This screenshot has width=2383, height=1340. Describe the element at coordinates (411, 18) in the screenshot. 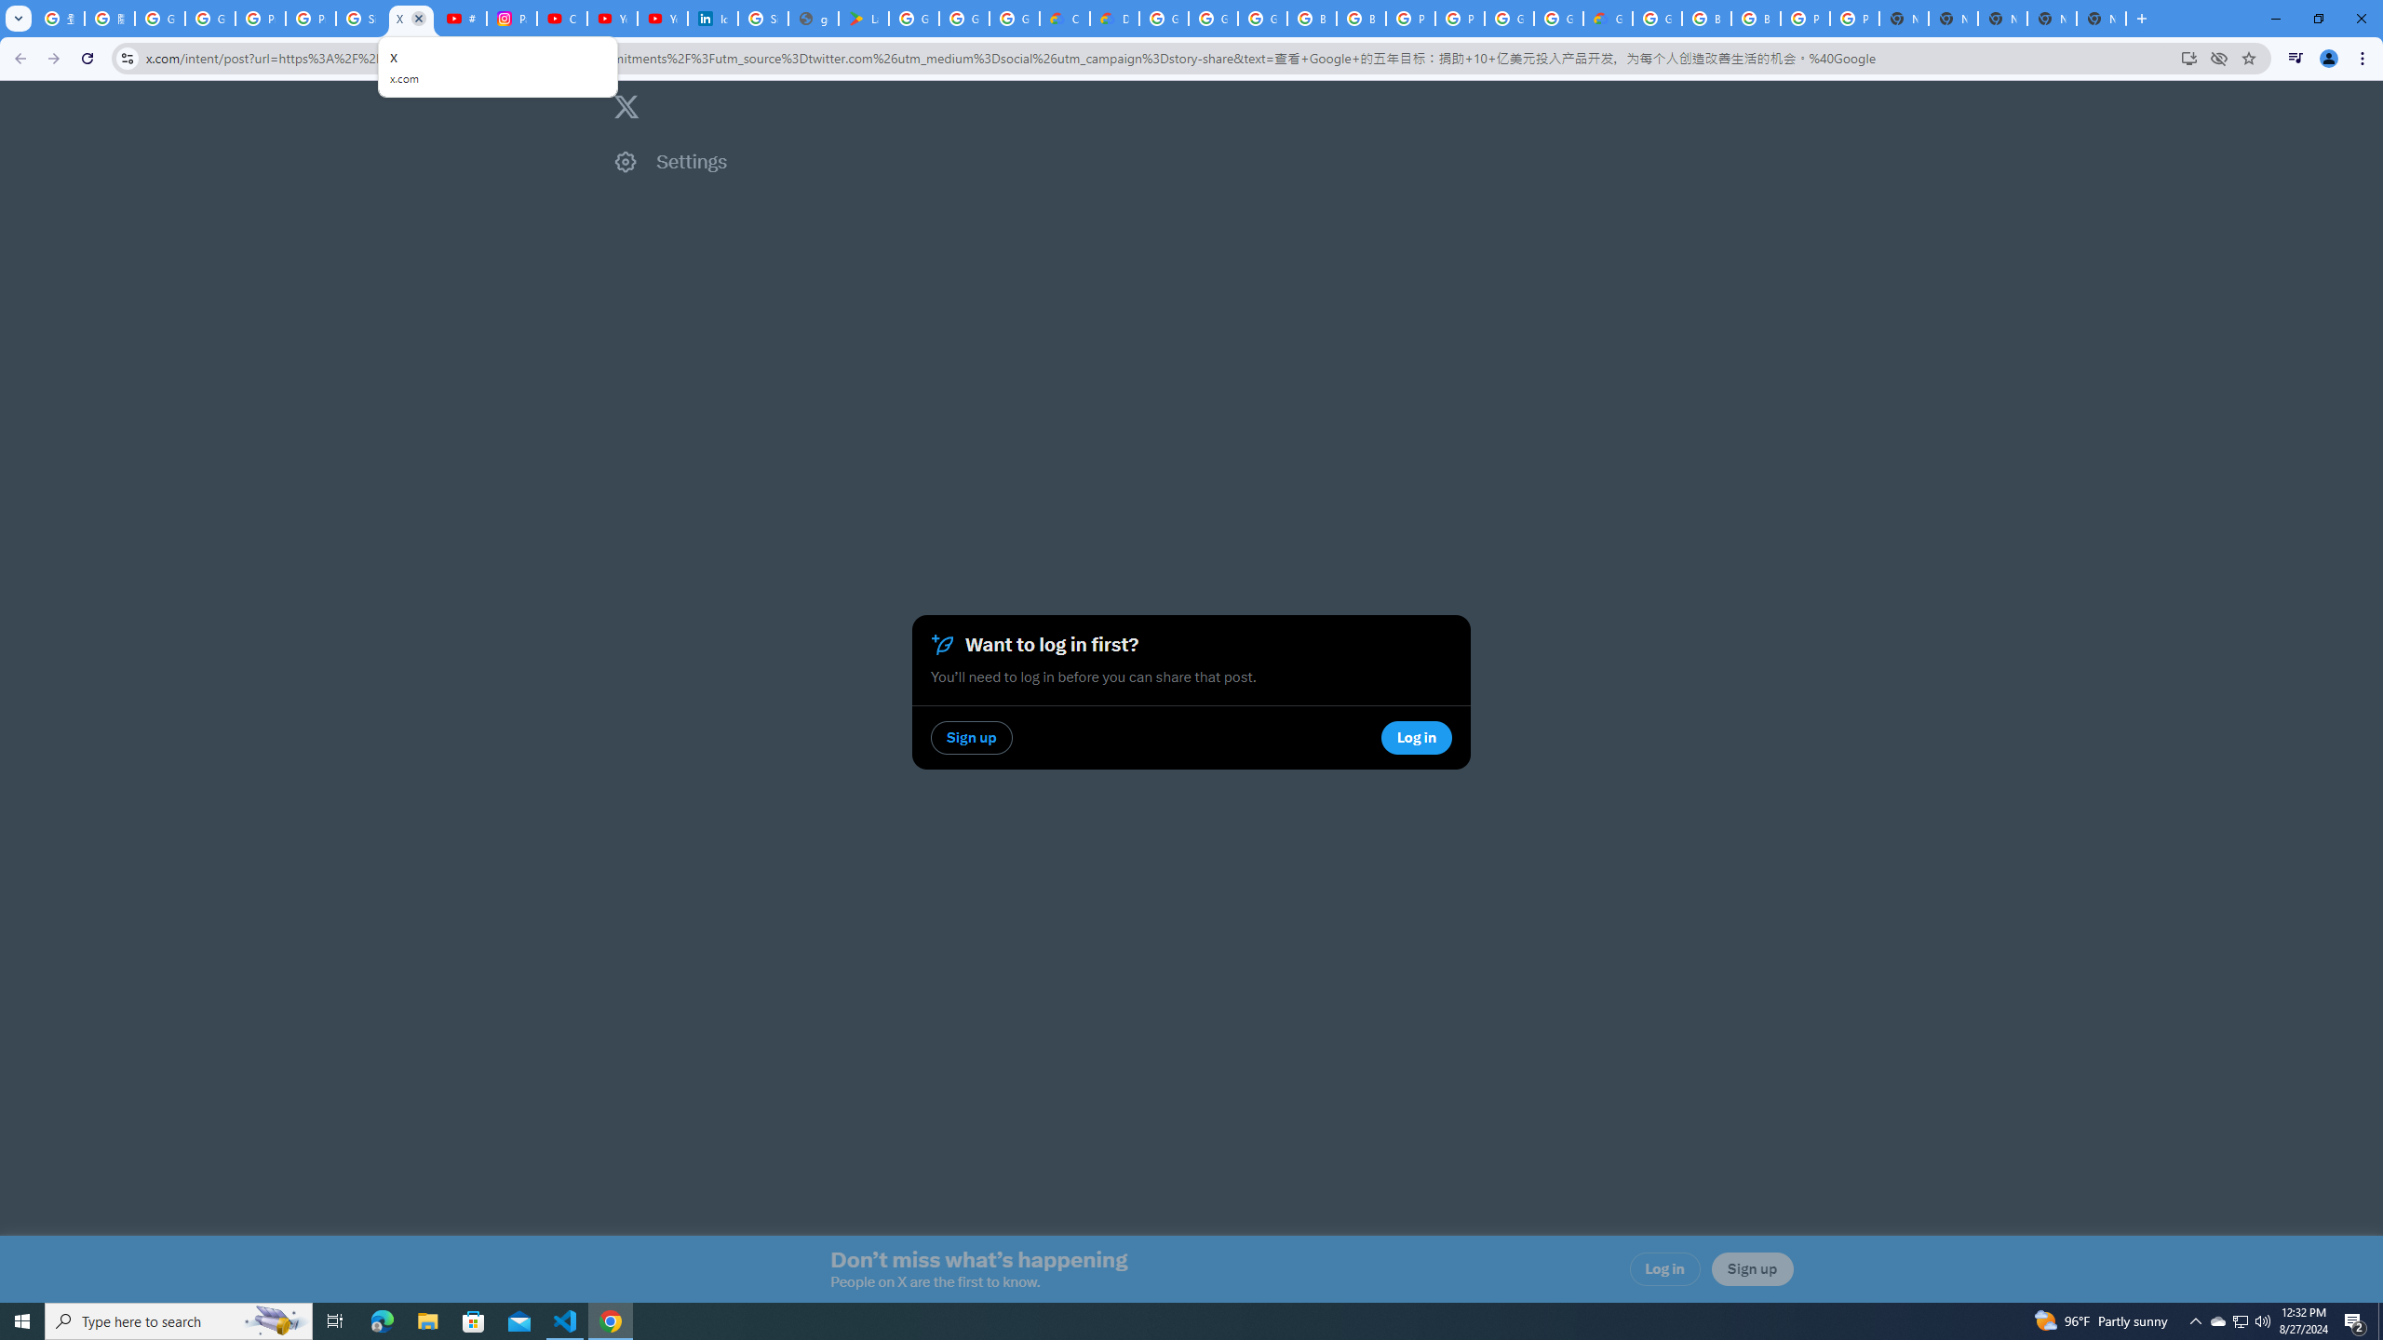

I see `'X'` at that location.